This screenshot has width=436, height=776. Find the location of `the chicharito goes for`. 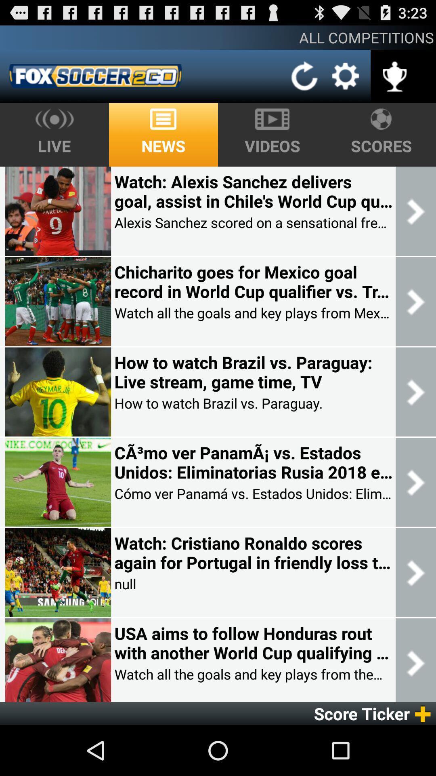

the chicharito goes for is located at coordinates (253, 282).